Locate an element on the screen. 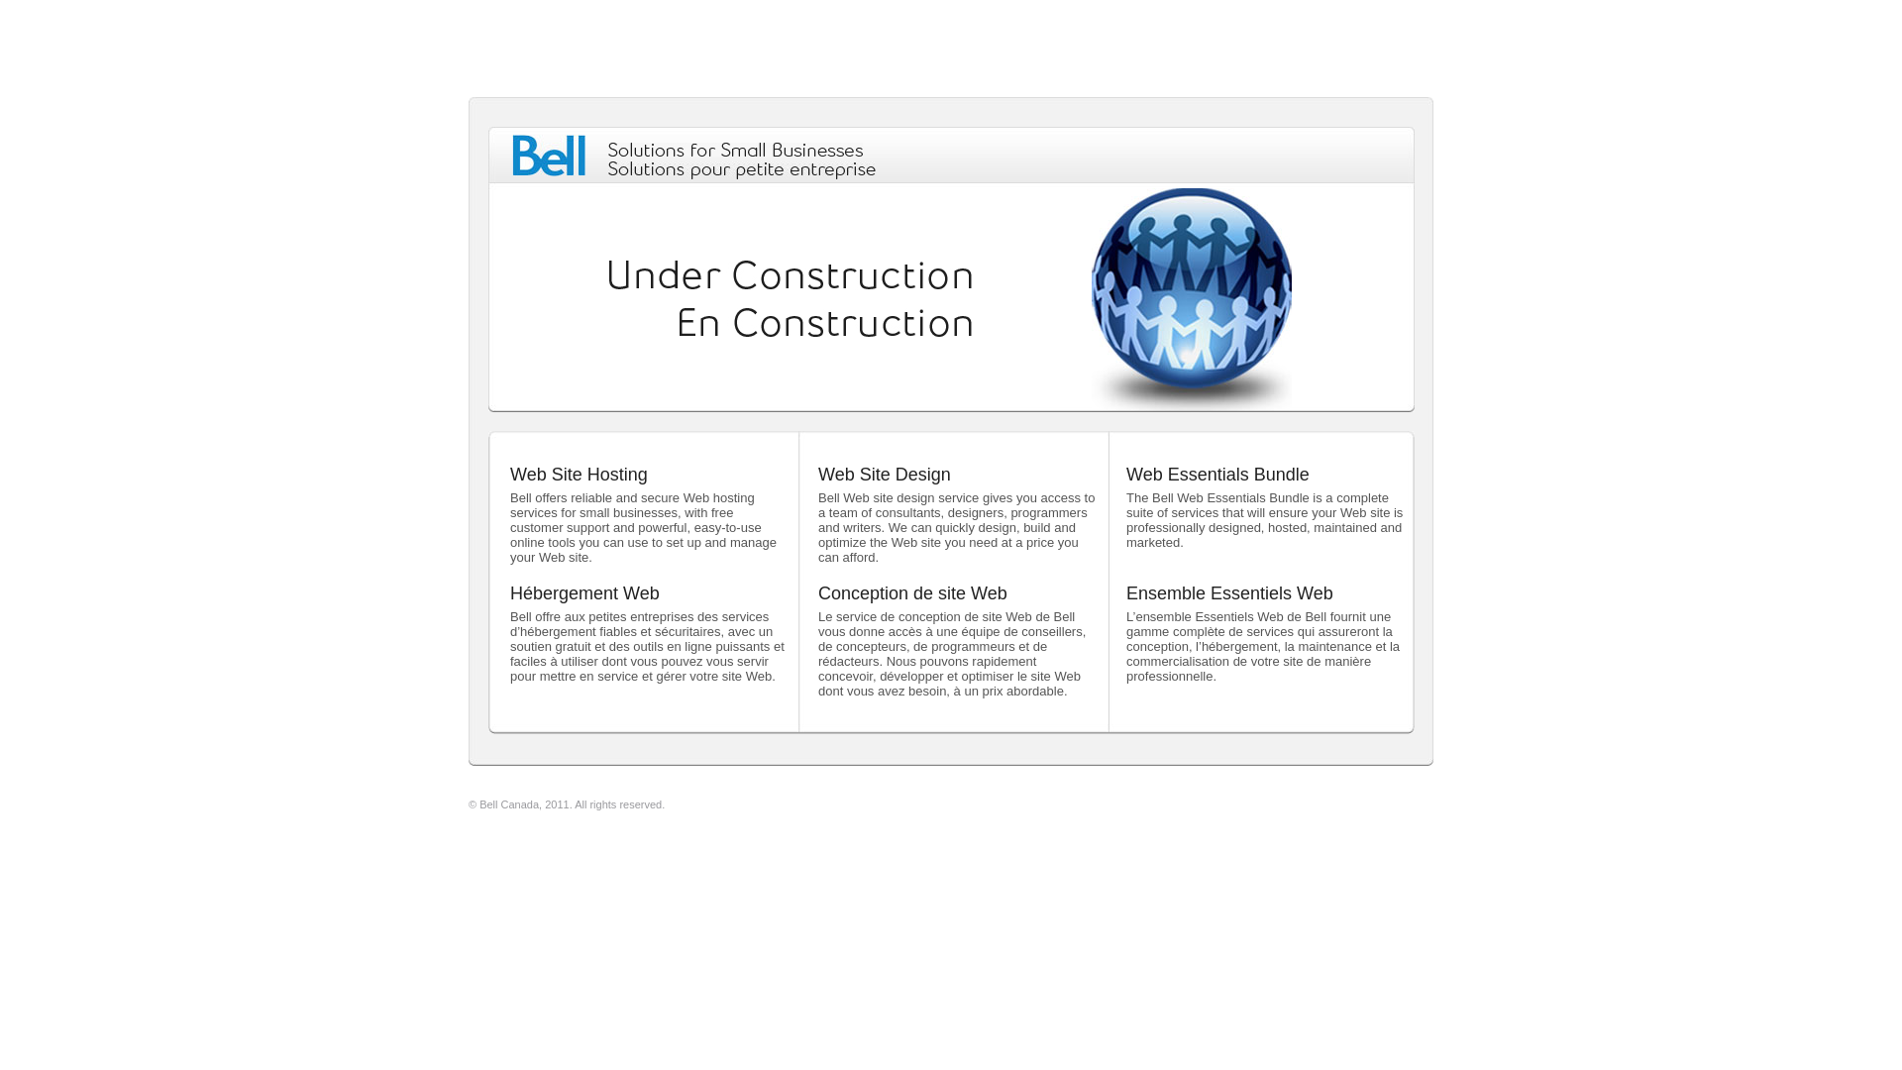  'Solutions pour petite entreprise' is located at coordinates (740, 169).